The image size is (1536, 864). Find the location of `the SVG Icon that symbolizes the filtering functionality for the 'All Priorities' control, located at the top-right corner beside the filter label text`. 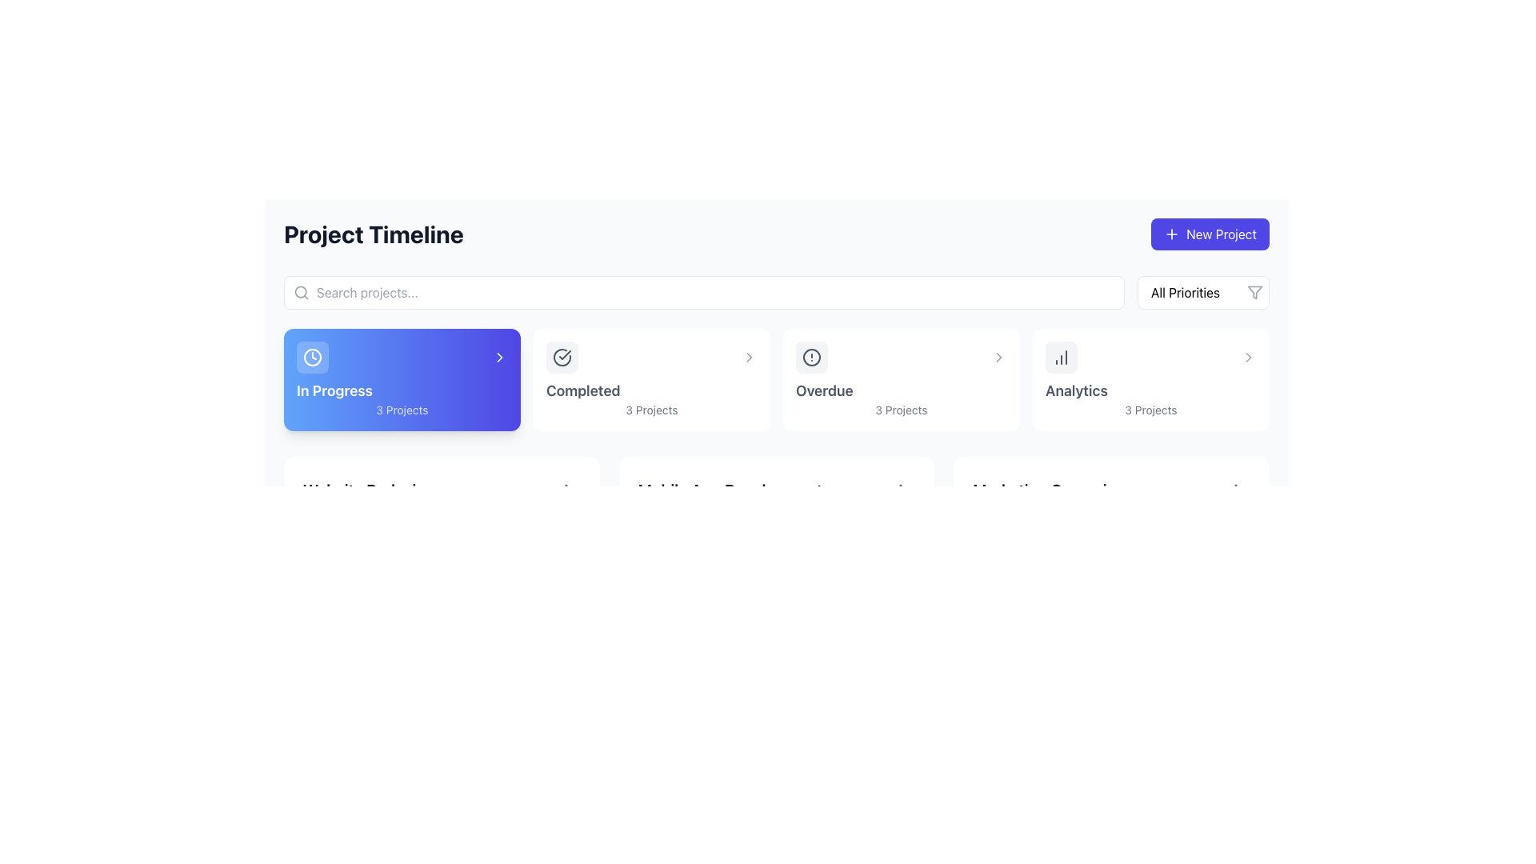

the SVG Icon that symbolizes the filtering functionality for the 'All Priorities' control, located at the top-right corner beside the filter label text is located at coordinates (1254, 293).